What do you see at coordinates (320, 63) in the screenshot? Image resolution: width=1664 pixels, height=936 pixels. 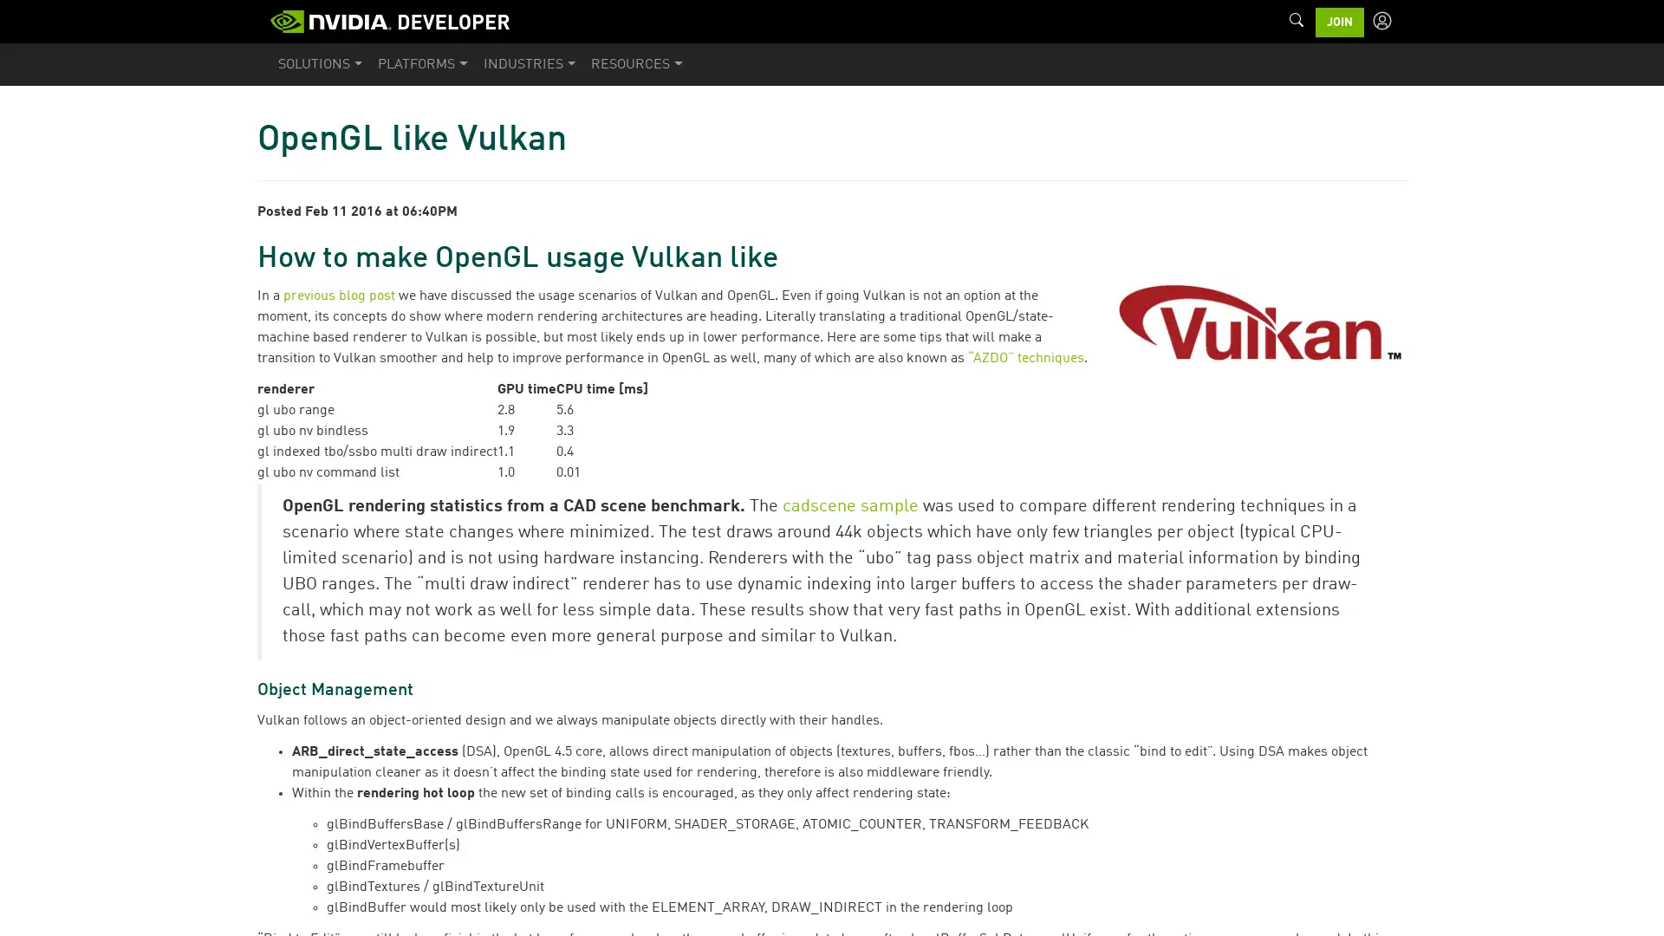 I see `SOLUTIONS` at bounding box center [320, 63].